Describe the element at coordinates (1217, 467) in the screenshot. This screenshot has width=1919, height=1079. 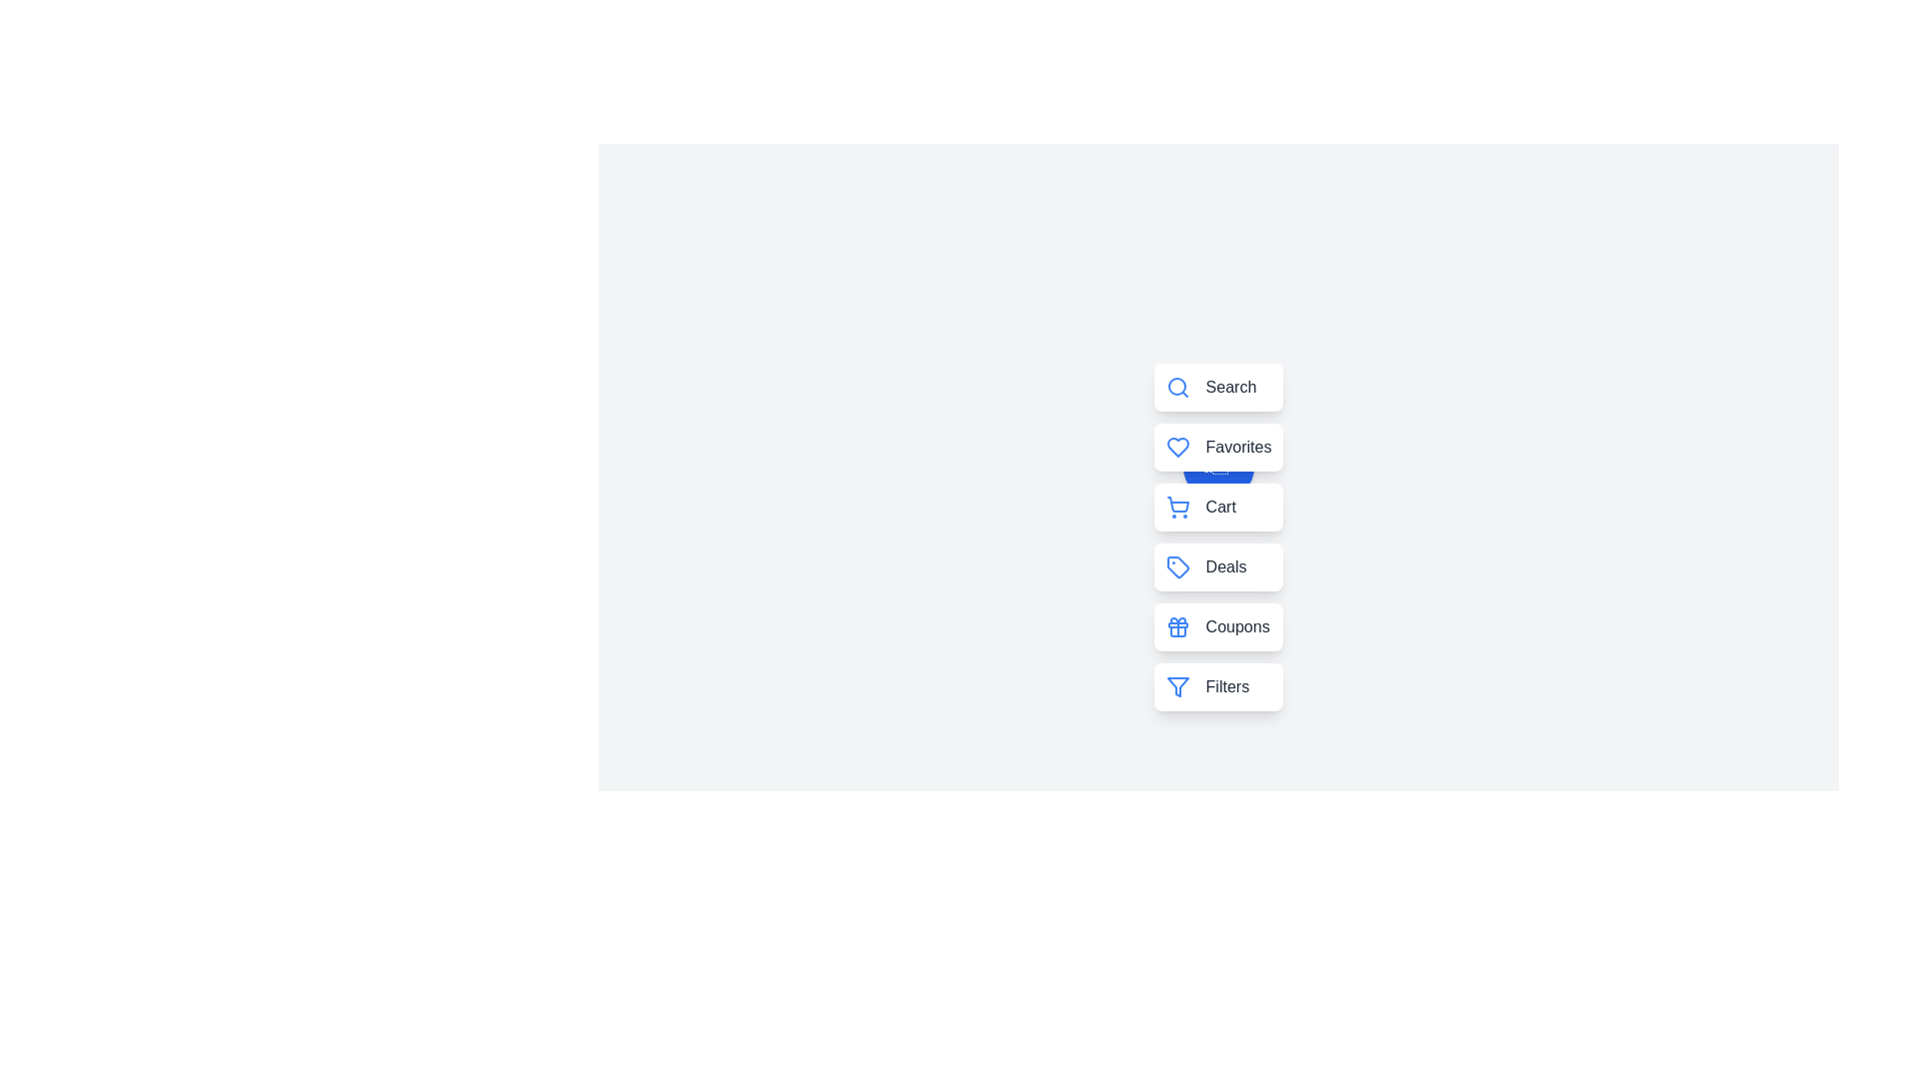
I see `the circular button with a blue background and white text, which is positioned between the 'Search' and 'Cart' buttons` at that location.